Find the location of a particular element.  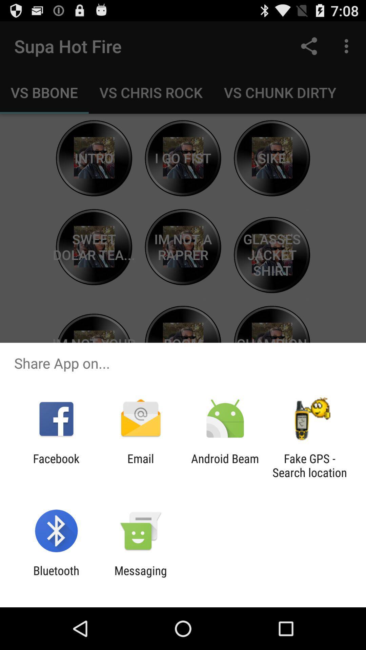

icon to the left of fake gps search app is located at coordinates (225, 465).